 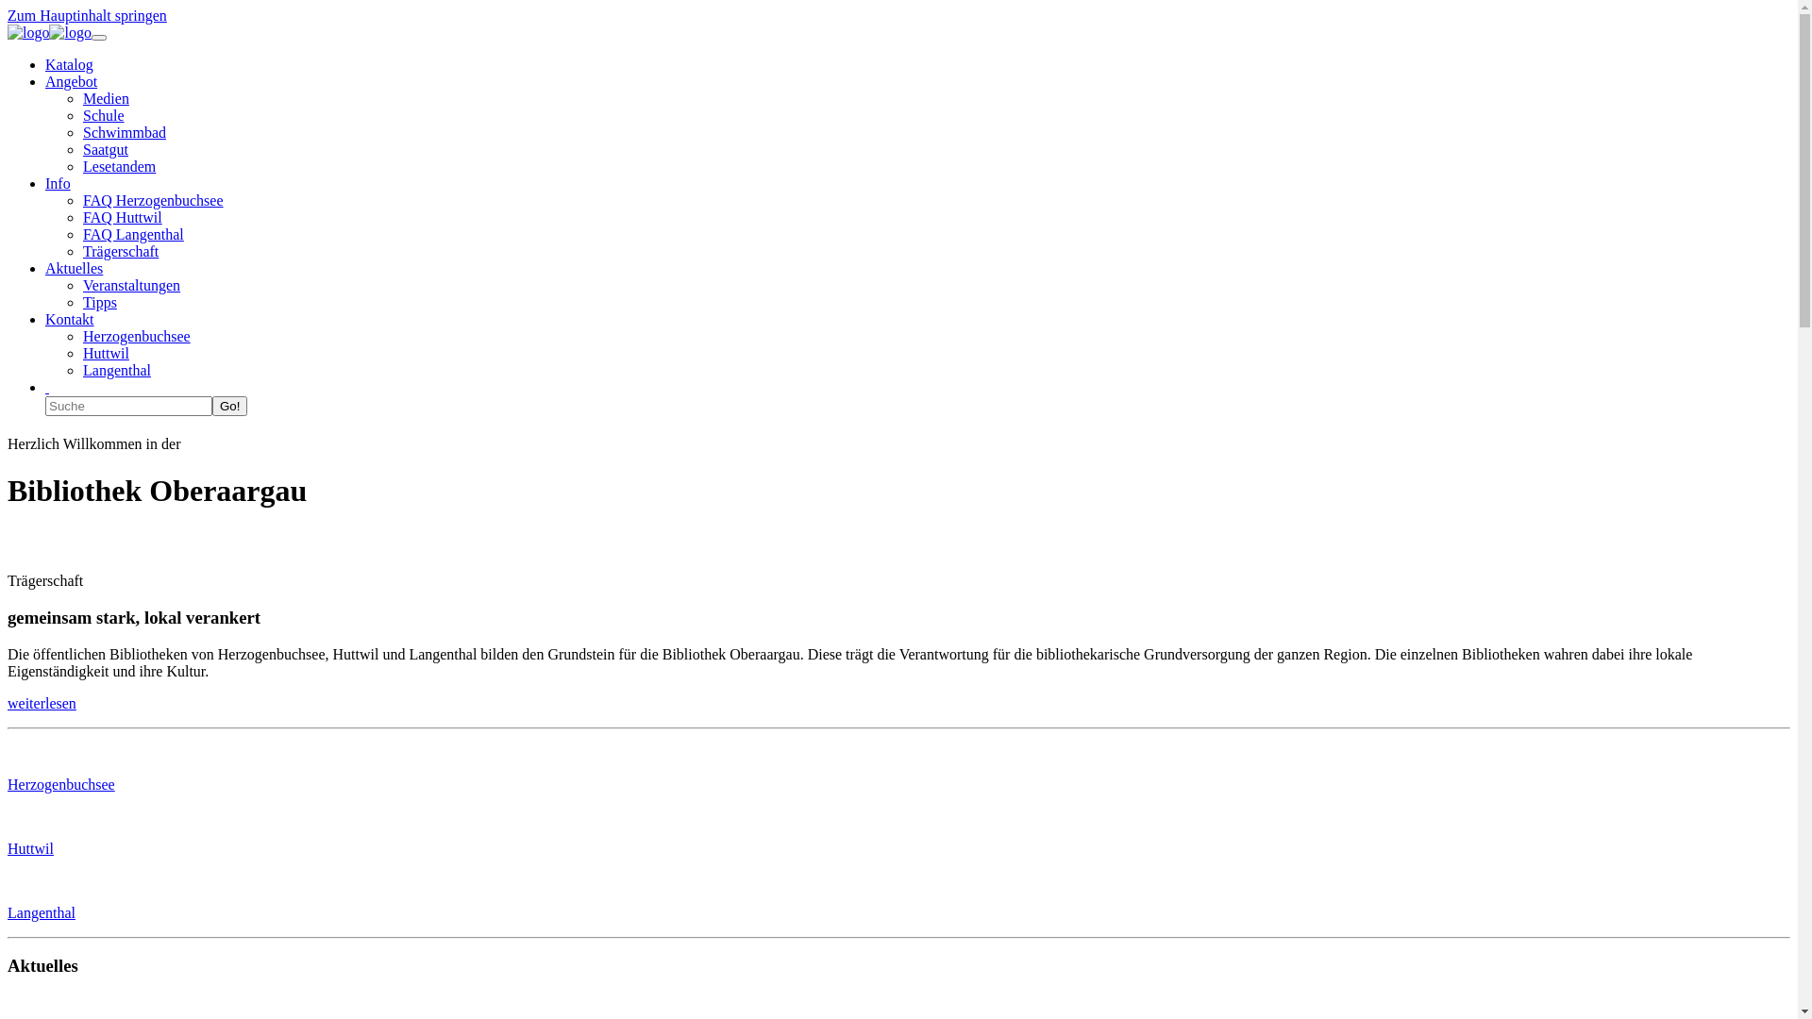 What do you see at coordinates (98, 301) in the screenshot?
I see `'Tipps'` at bounding box center [98, 301].